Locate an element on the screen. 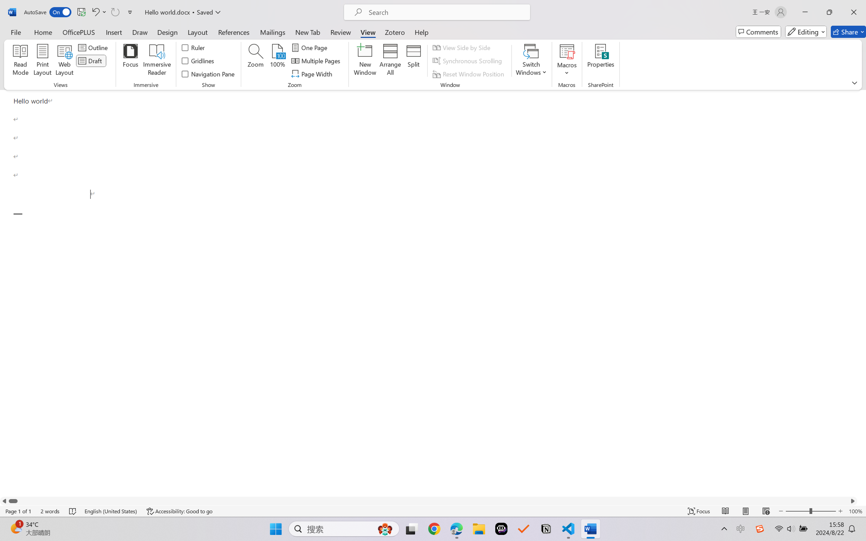 The width and height of the screenshot is (866, 541). 'New Tab' is located at coordinates (307, 31).